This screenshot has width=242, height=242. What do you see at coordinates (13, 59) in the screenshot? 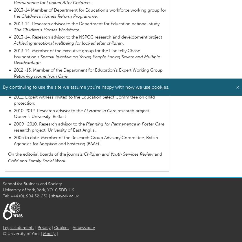
I see `'Special Initiative on Young People Facing Severe and Multiple Disadvantage'` at bounding box center [13, 59].